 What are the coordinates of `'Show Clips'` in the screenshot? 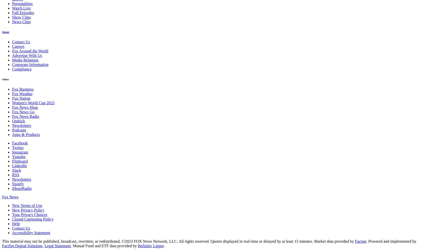 It's located at (21, 17).